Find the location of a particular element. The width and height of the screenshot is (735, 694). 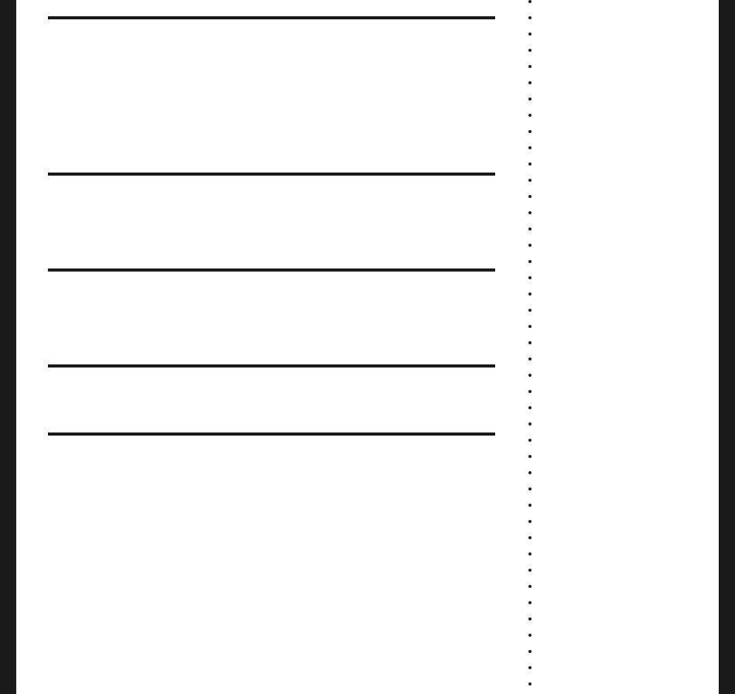

'May 2008' is located at coordinates (559, 227).